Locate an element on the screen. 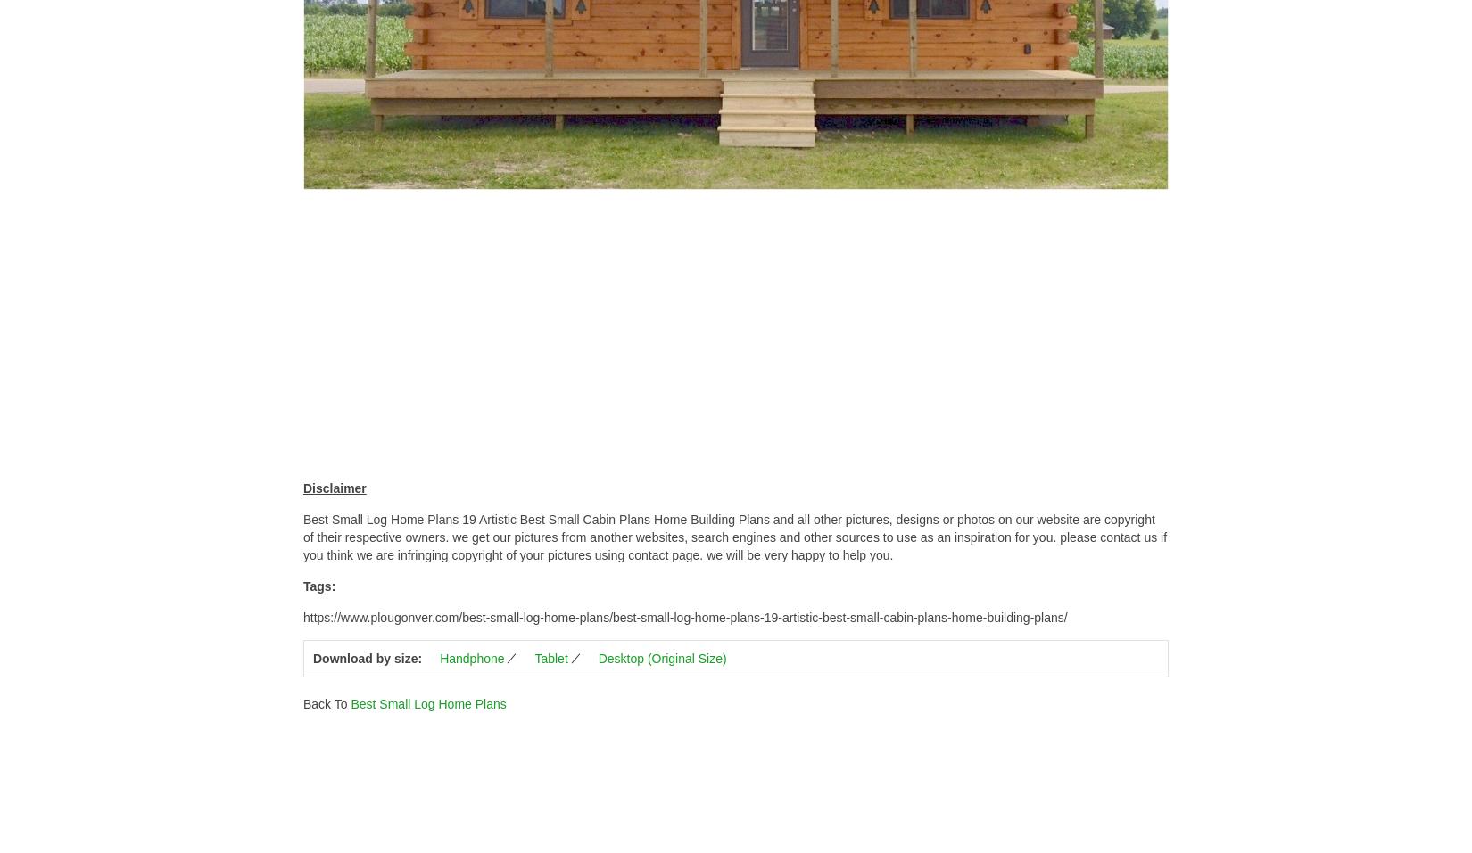 Image resolution: width=1472 pixels, height=853 pixels. 'Best Small Log Home Plans 19 Artistic Best Small Cabin Plans Home Building Plans and all other pictures, designs or photos on our website are copyright of their respective owners. we get our pictures from another websites, search engines and other sources to use as an inspiration for you. please contact us if you think we are infringing copyright of your pictures using contact page. we will be very happy to help you.' is located at coordinates (734, 535).